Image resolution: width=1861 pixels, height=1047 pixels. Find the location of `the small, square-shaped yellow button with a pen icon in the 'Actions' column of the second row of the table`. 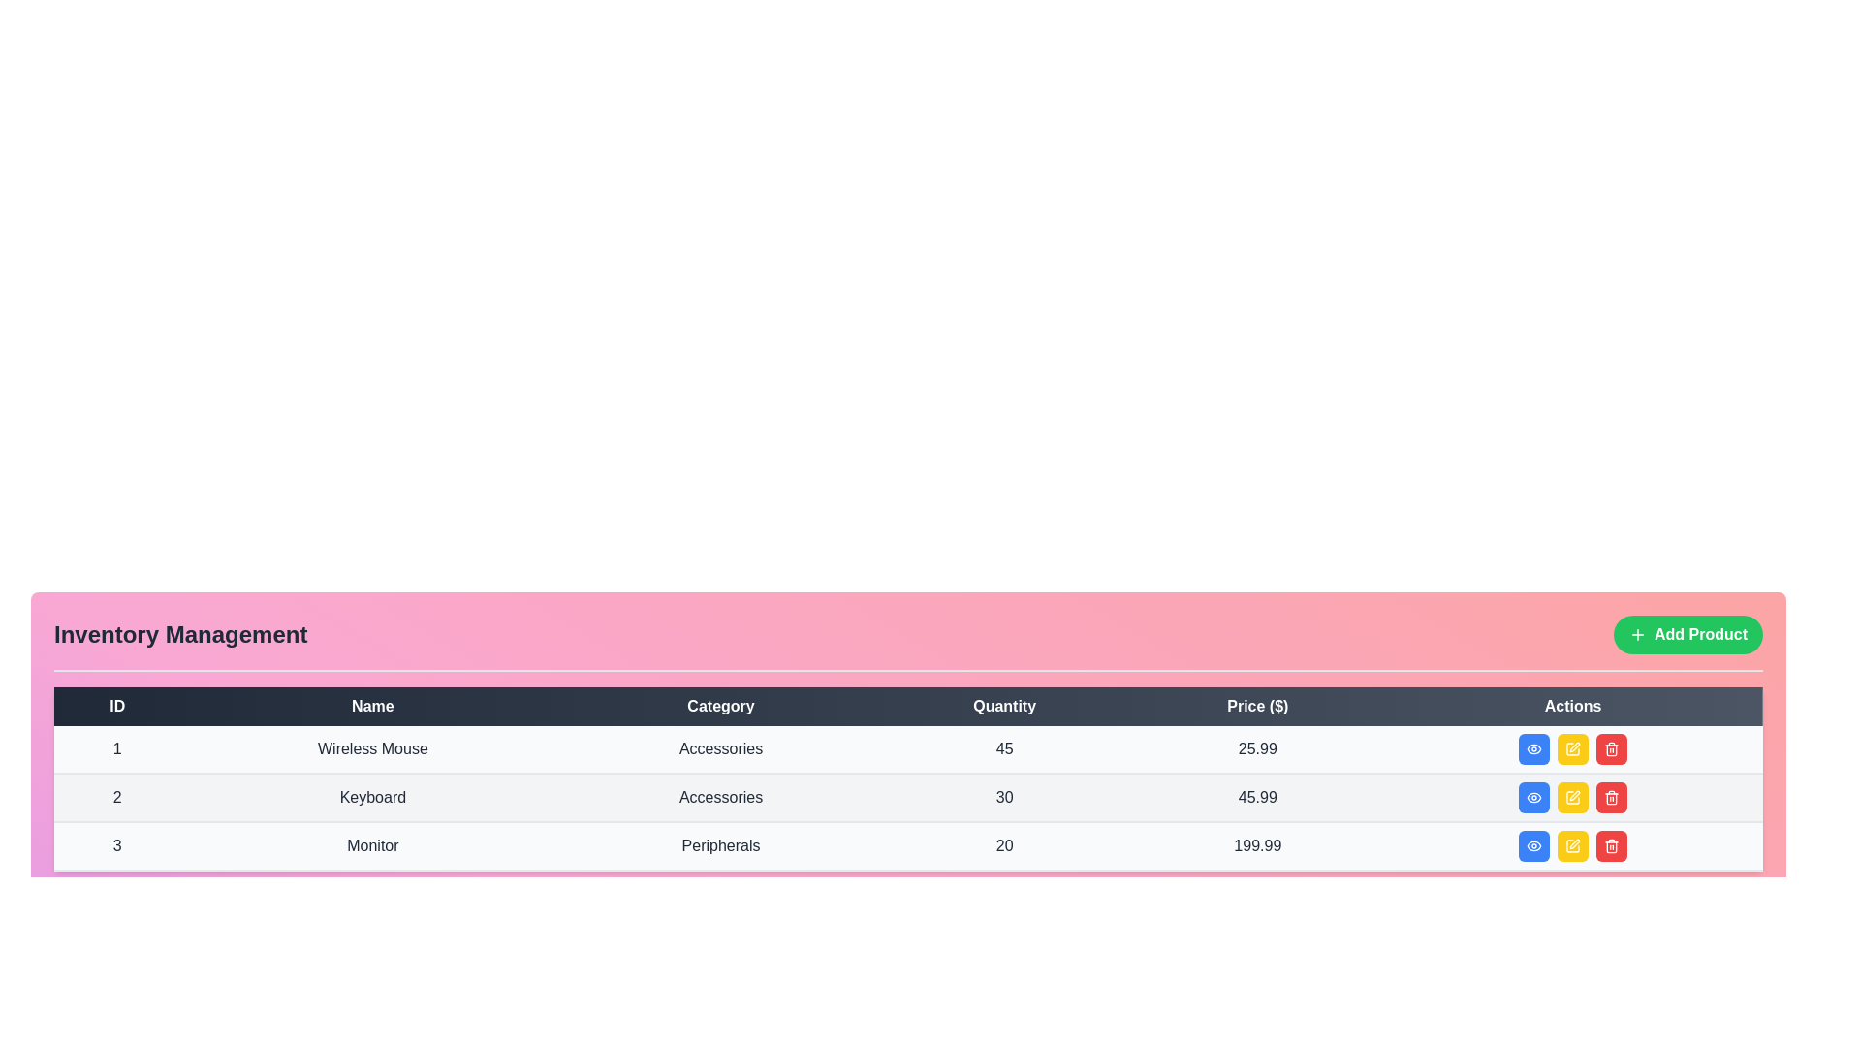

the small, square-shaped yellow button with a pen icon in the 'Actions' column of the second row of the table is located at coordinates (1573, 797).